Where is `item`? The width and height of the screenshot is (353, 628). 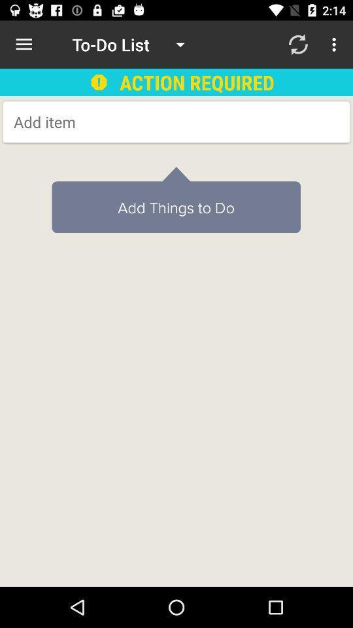
item is located at coordinates (118, 122).